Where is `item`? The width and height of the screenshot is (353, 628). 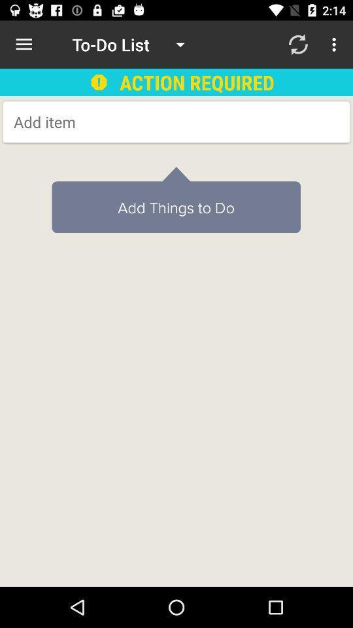
item is located at coordinates (118, 122).